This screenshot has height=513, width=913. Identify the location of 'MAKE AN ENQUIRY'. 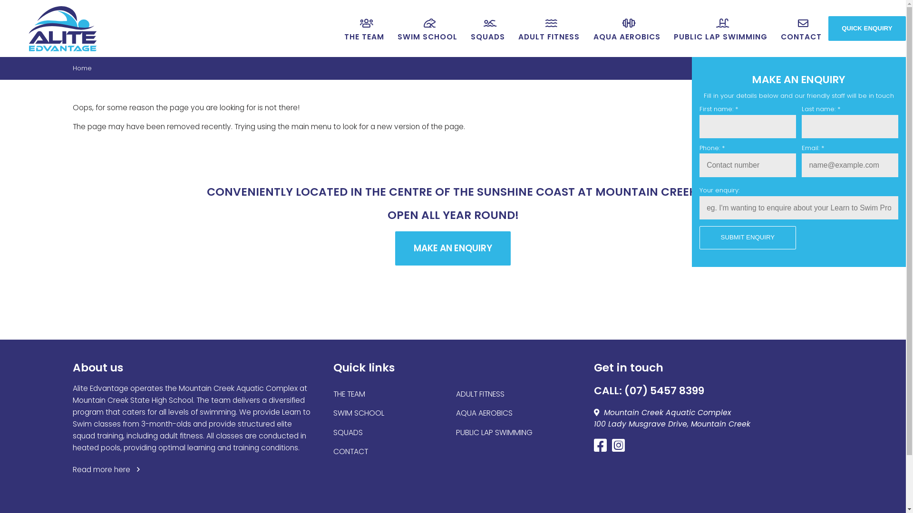
(453, 247).